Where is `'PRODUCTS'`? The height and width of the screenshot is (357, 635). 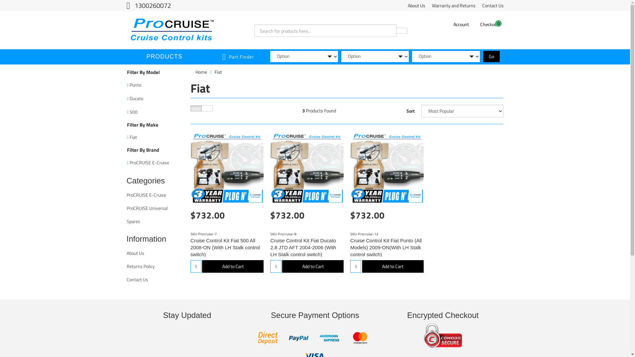 'PRODUCTS' is located at coordinates (164, 57).